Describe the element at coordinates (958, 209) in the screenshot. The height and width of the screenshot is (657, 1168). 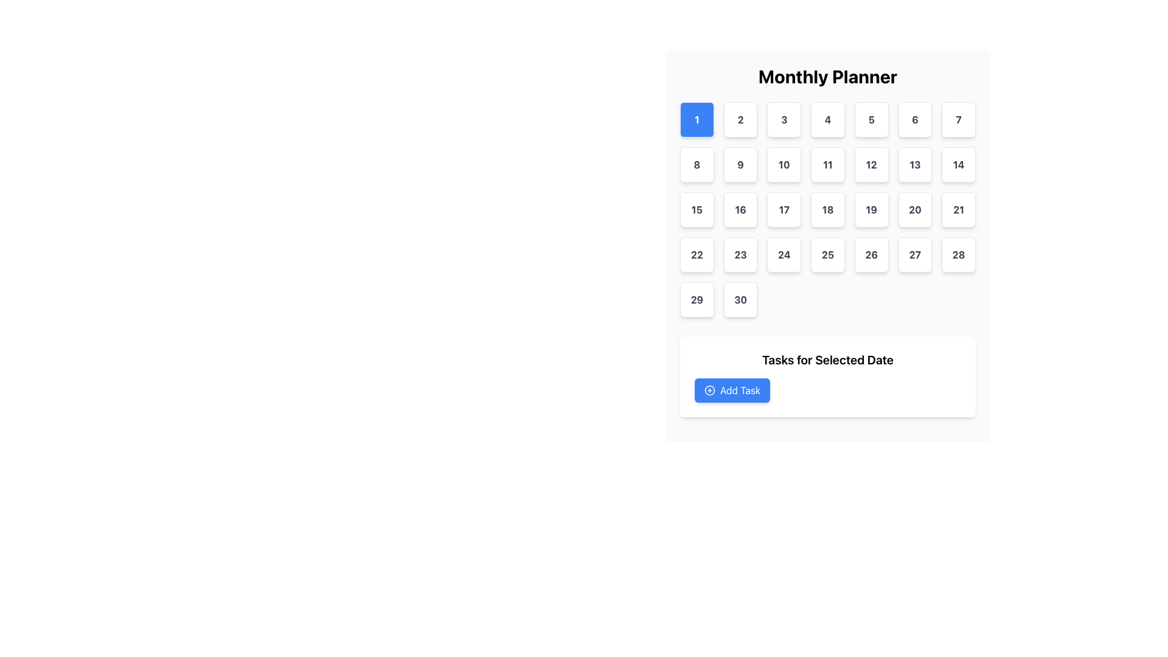
I see `the clickable calendar date button displaying the number '21', located in the 6th row and 7th column of the grid` at that location.